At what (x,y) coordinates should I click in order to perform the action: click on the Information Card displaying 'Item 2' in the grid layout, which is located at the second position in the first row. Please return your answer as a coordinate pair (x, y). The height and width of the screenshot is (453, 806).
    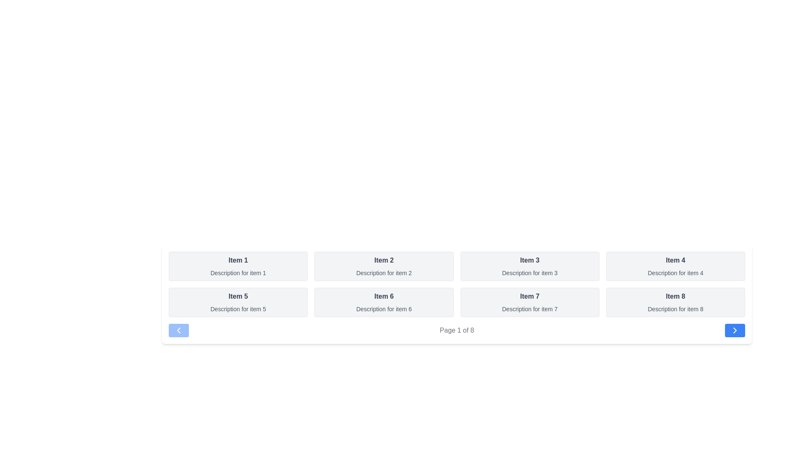
    Looking at the image, I should click on (383, 266).